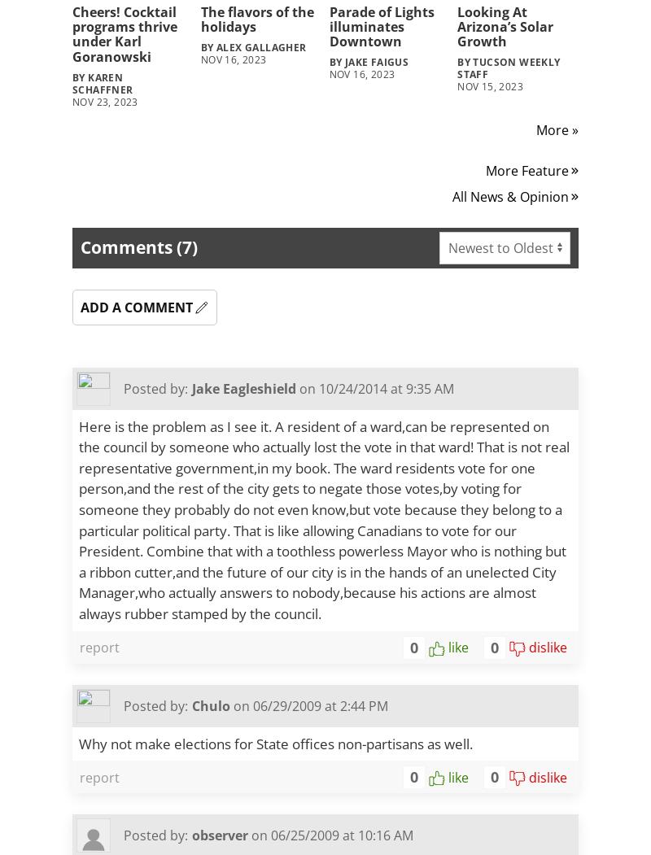  What do you see at coordinates (457, 26) in the screenshot?
I see `'Looking At Arizona’s Solar Growth'` at bounding box center [457, 26].